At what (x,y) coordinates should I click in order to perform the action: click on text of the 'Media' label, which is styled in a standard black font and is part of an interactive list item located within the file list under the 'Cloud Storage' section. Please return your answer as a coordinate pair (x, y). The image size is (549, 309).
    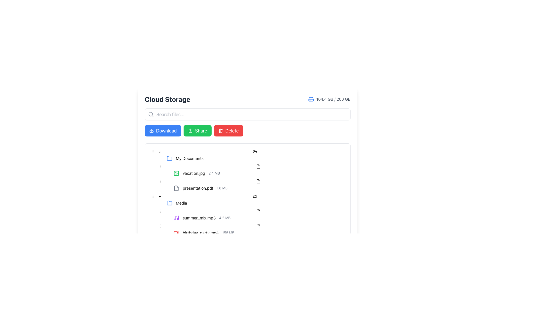
    Looking at the image, I should click on (181, 203).